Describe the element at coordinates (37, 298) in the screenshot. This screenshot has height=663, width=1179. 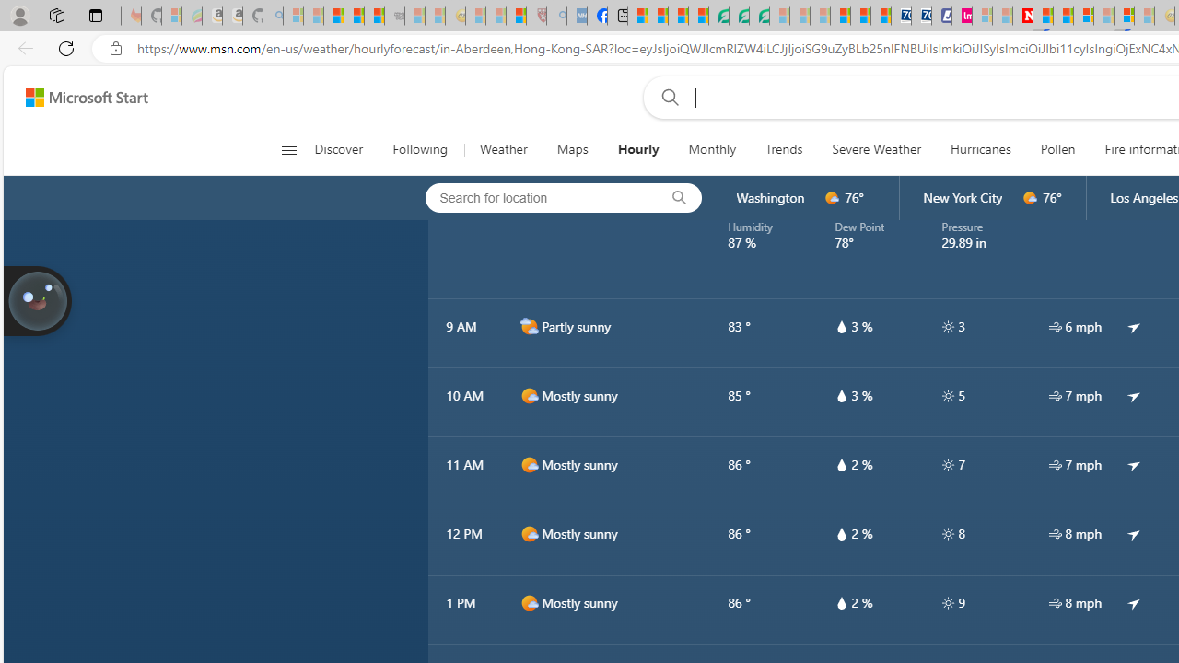
I see `'Join us in planting real trees to help our planet!'` at that location.